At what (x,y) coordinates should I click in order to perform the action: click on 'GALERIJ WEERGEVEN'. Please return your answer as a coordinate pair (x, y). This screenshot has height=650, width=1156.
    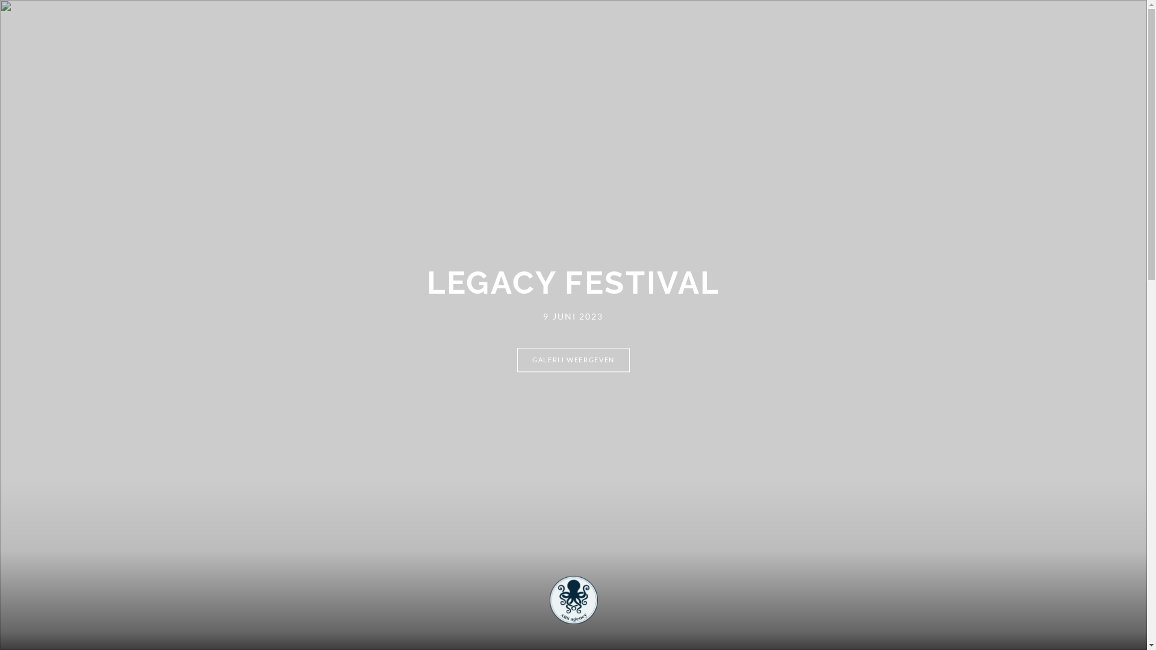
    Looking at the image, I should click on (573, 359).